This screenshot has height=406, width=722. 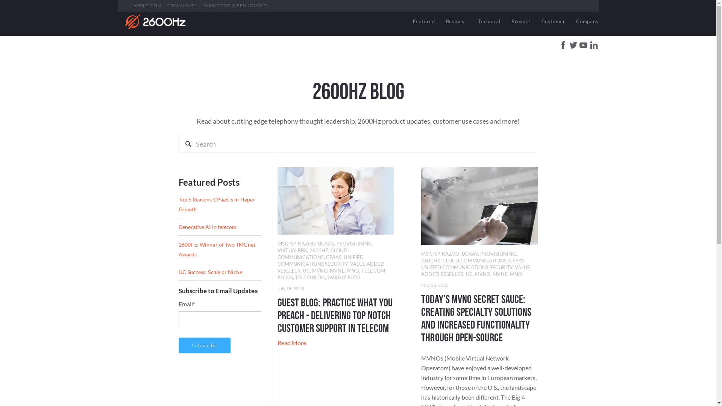 What do you see at coordinates (489, 21) in the screenshot?
I see `'Technical'` at bounding box center [489, 21].